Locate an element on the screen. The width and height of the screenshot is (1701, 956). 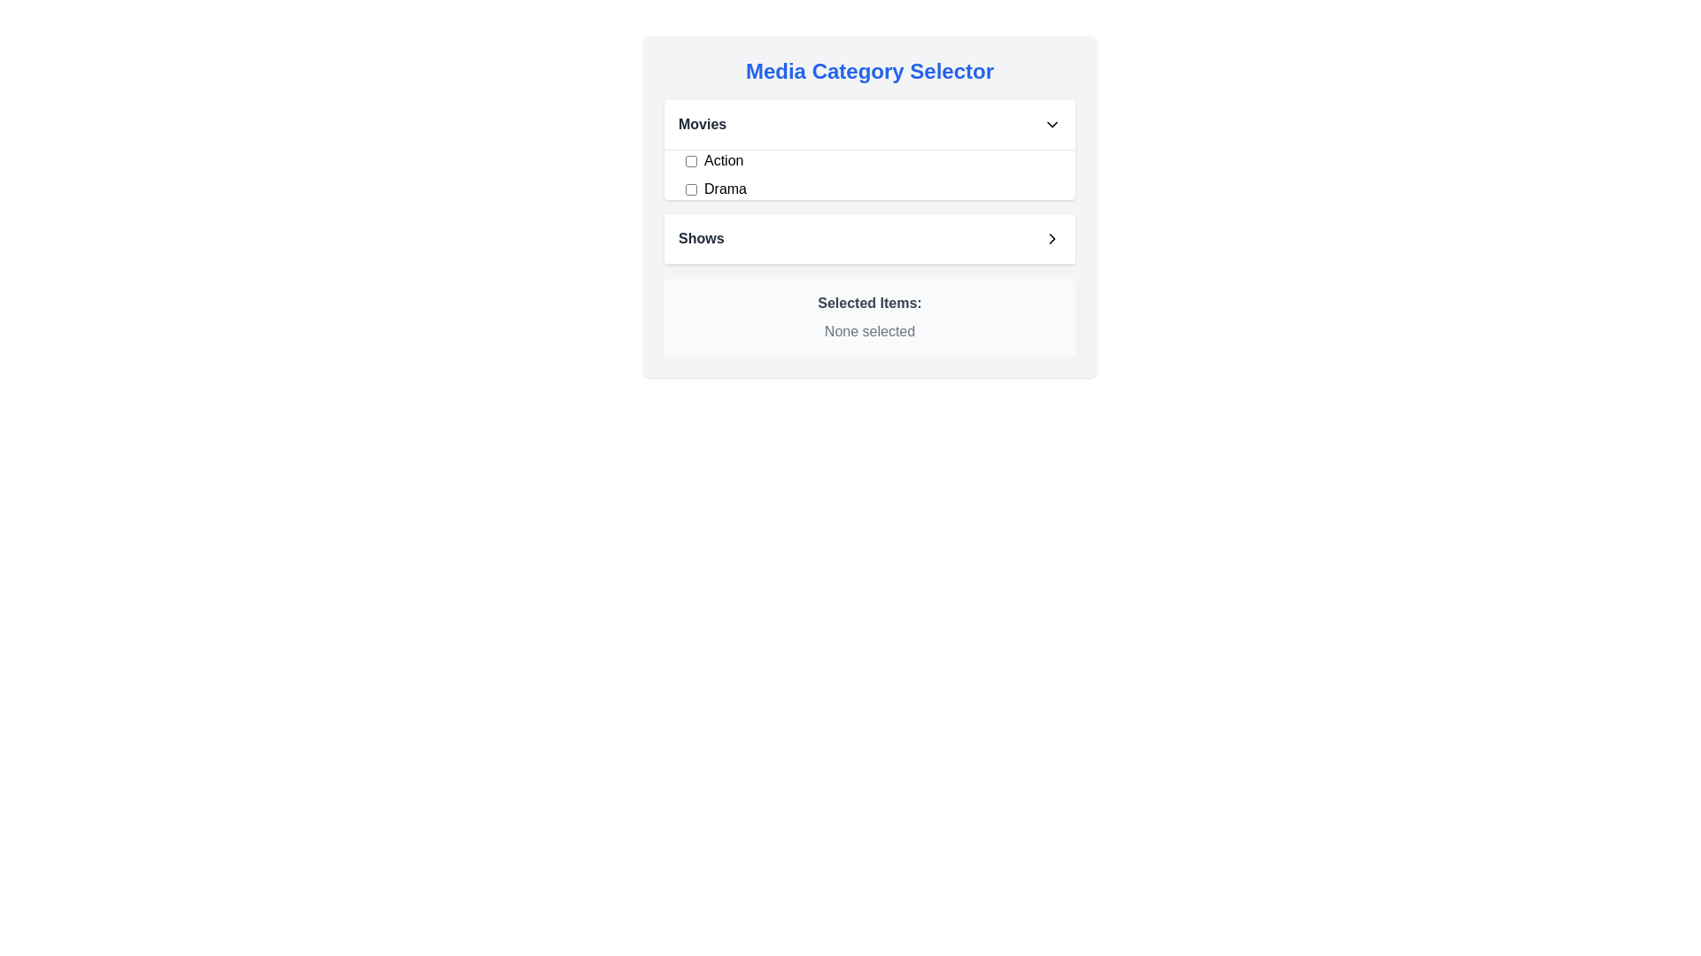
the 'Drama' checkbox in the 'Movies' section is located at coordinates (690, 189).